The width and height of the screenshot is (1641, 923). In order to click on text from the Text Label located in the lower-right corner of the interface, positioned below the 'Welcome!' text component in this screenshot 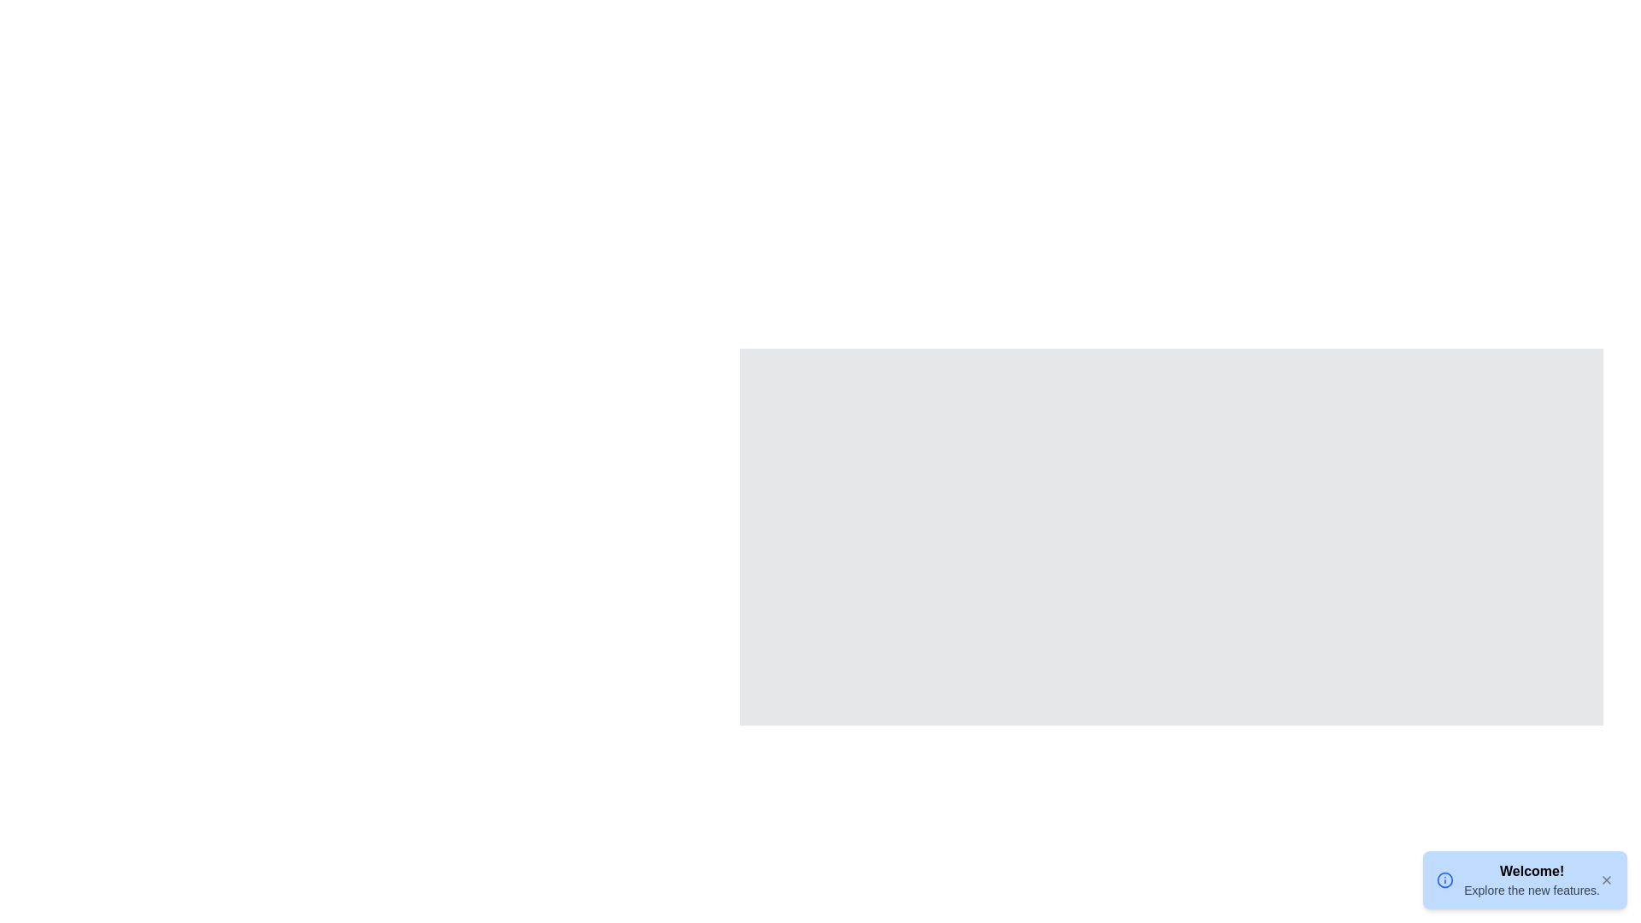, I will do `click(1532, 889)`.